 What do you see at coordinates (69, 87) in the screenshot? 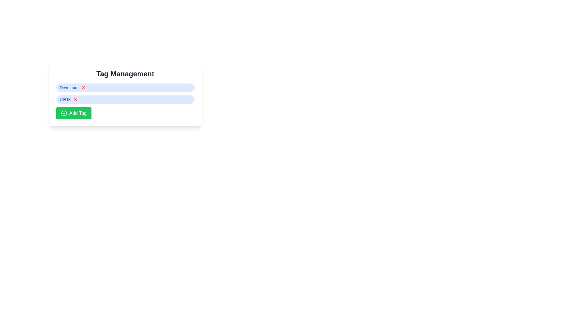
I see `the static text label in the 'Tag Management' component, which is the first text element aligned to the left of the 'X' delete icon` at bounding box center [69, 87].